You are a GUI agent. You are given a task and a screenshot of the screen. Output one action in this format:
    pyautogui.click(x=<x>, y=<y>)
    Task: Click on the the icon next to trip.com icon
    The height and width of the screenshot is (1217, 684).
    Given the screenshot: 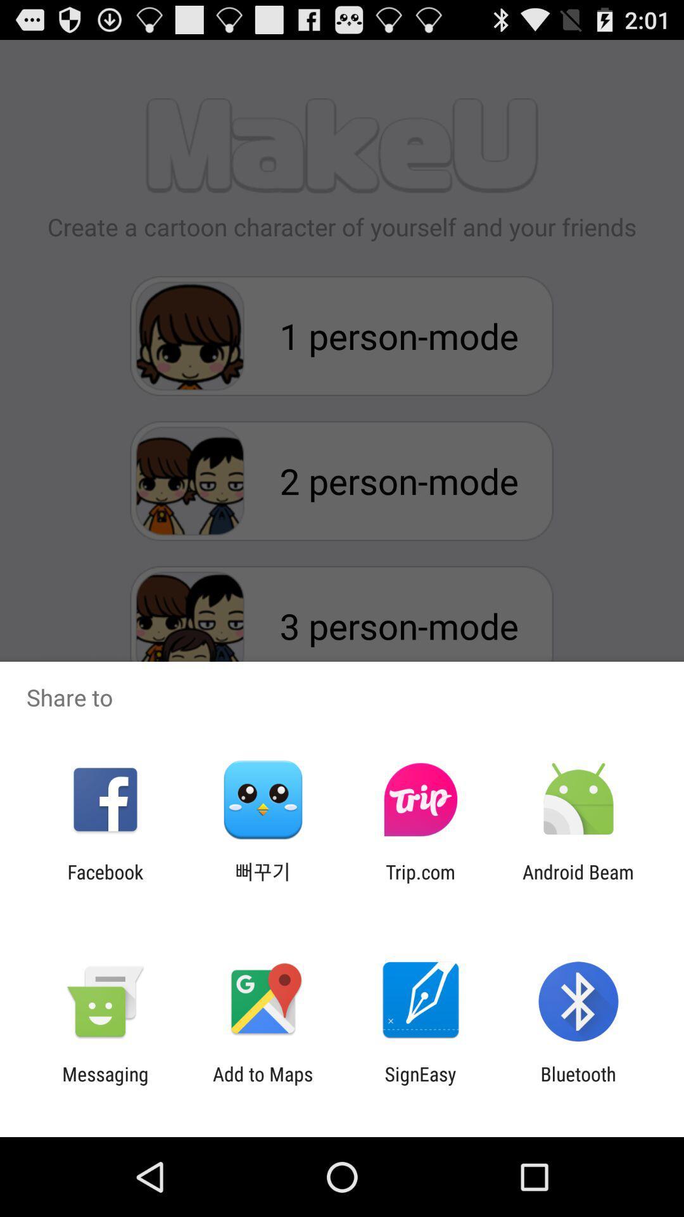 What is the action you would take?
    pyautogui.click(x=578, y=882)
    